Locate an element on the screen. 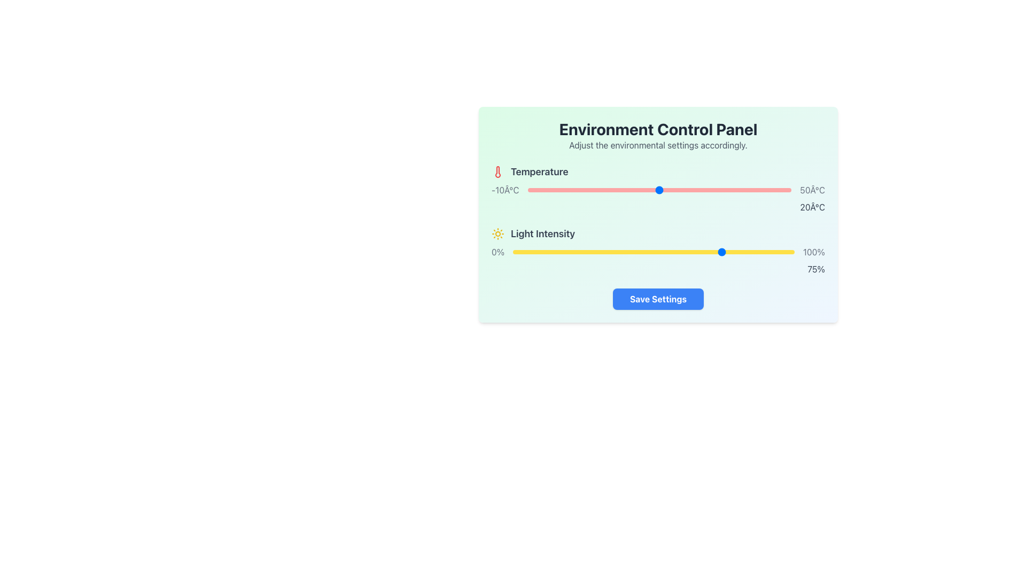  the text label that reads 'Adjust the environmental settings accordingly.' which is styled in a subdued gray color and is located directly beneath the title 'Environment Control Panel' is located at coordinates (658, 145).